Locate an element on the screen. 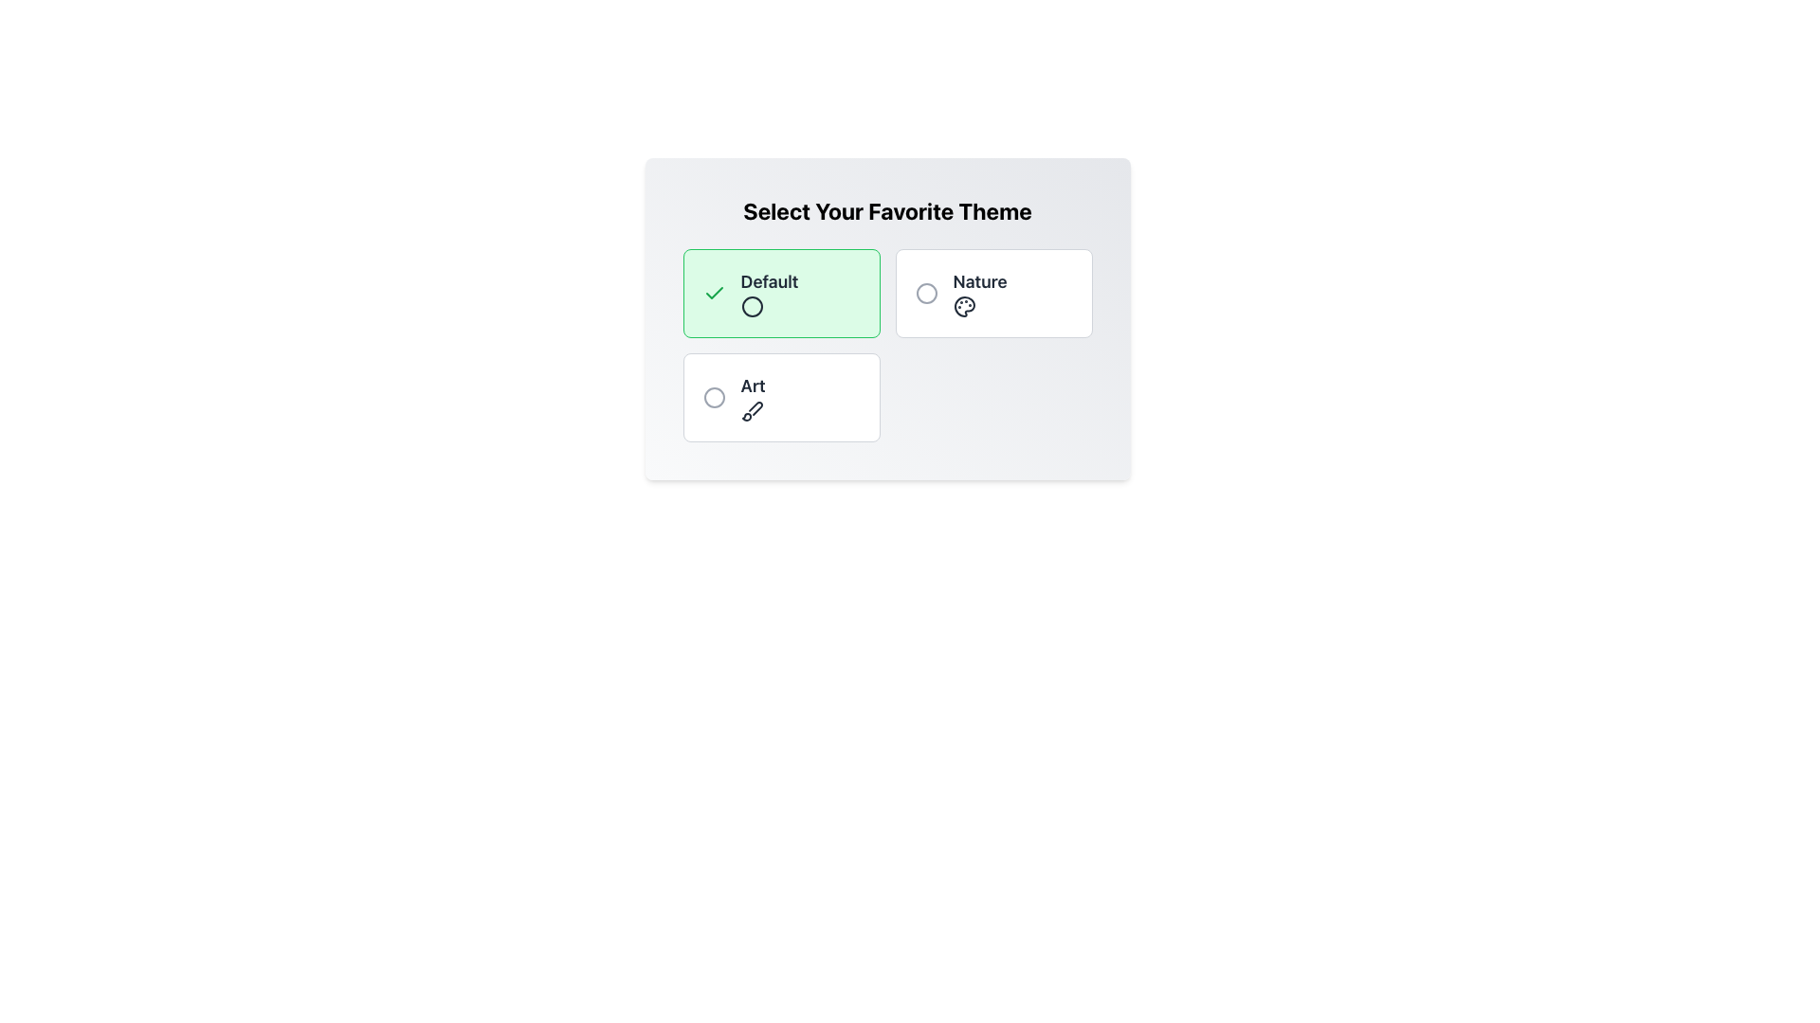  the 'Nature' selectable text and icon combination, which is the second option in the theme choices, styled in bold and slightly larger font, located in the middle-right section of the selection interface is located at coordinates (980, 293).